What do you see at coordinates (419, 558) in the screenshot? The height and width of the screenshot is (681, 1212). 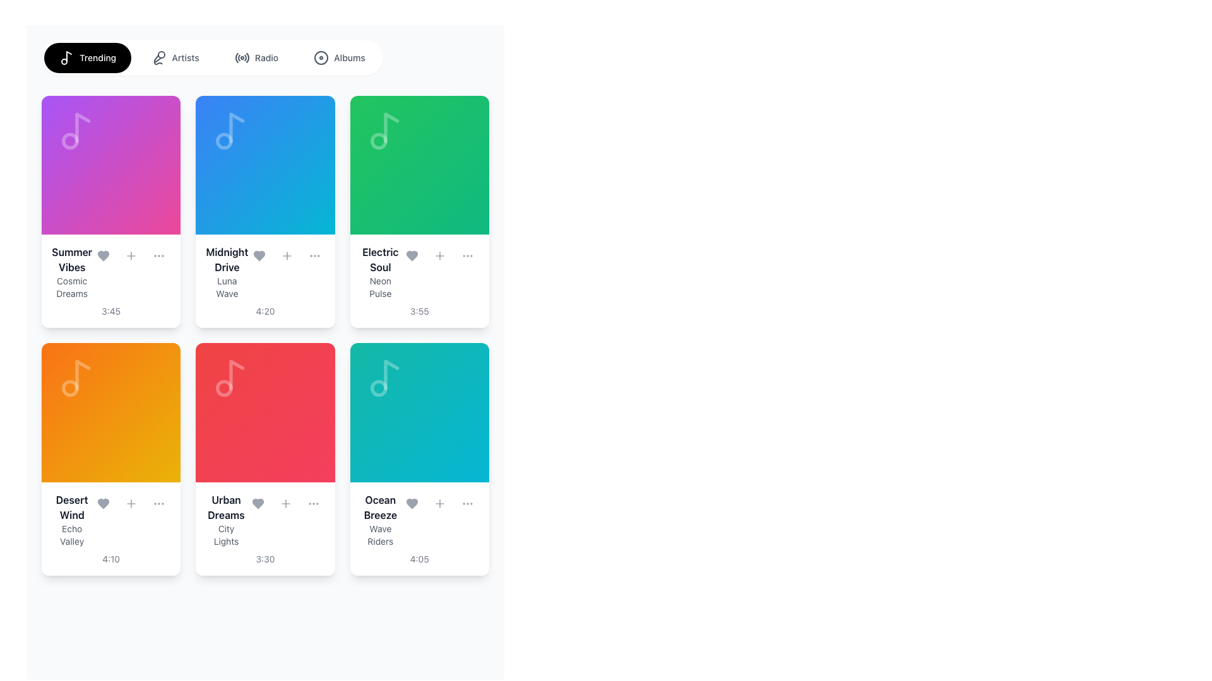 I see `small gray text label displaying '4:05' located at the bottom of the 'Ocean Breeze' card in the grid layout` at bounding box center [419, 558].